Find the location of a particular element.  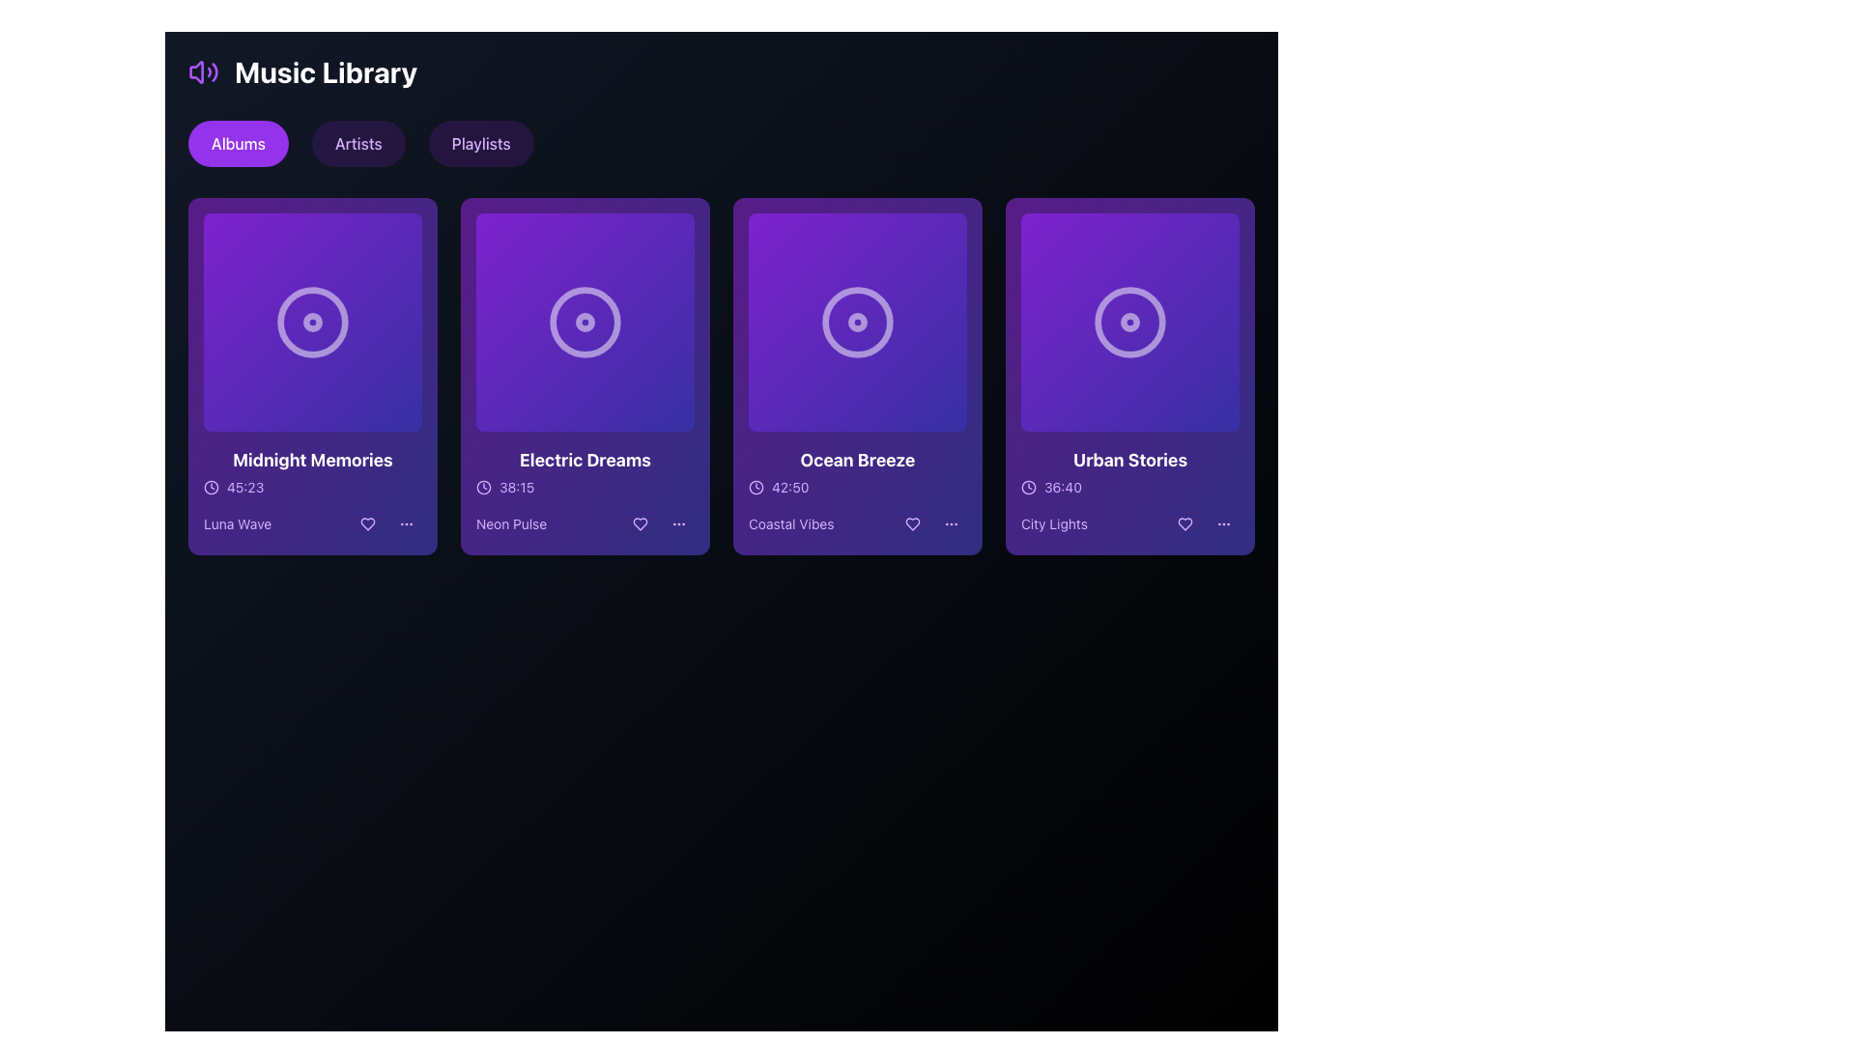

the 'like' button located on the card for the music item titled 'Ocean Breeze', which is the leftmost button in the bottom row of the card is located at coordinates (912, 524).